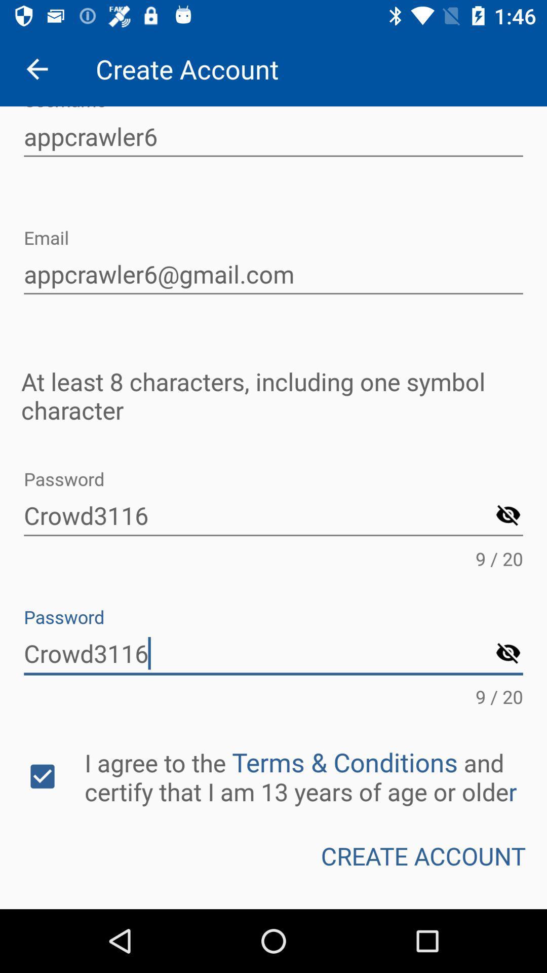 This screenshot has width=547, height=973. I want to click on next, so click(508, 516).